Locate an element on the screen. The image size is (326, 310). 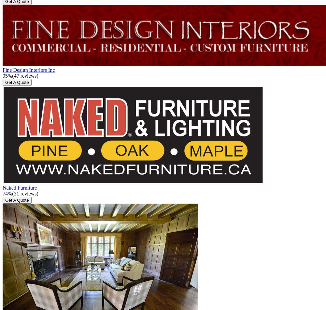
'74' is located at coordinates (5, 193).